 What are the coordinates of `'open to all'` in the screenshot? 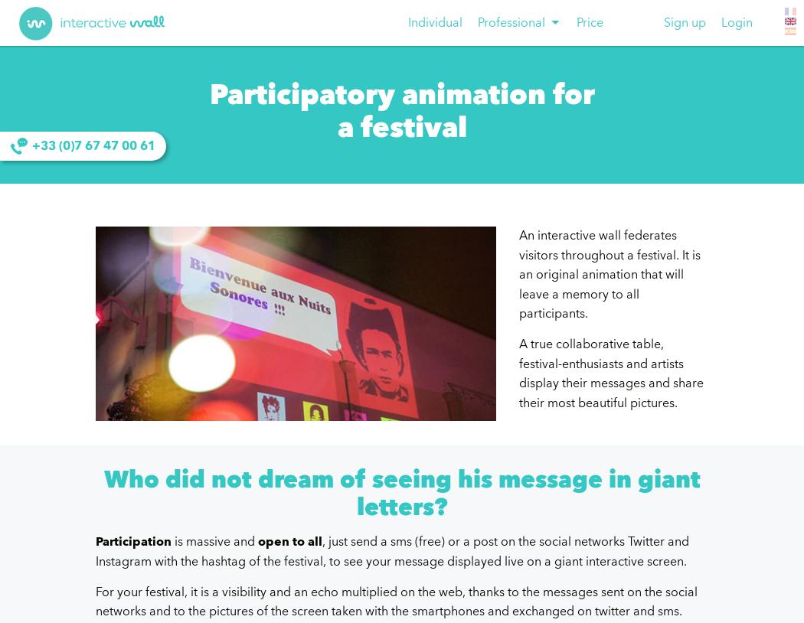 It's located at (258, 542).